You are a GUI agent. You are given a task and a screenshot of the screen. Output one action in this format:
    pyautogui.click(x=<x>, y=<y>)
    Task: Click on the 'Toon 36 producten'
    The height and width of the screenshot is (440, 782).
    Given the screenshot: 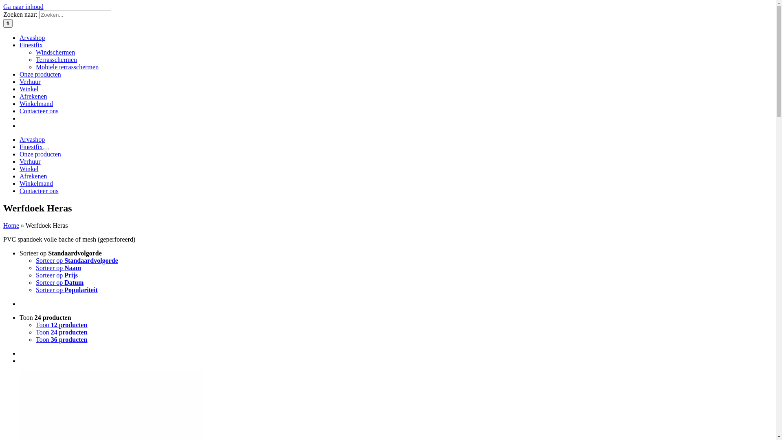 What is the action you would take?
    pyautogui.click(x=61, y=339)
    